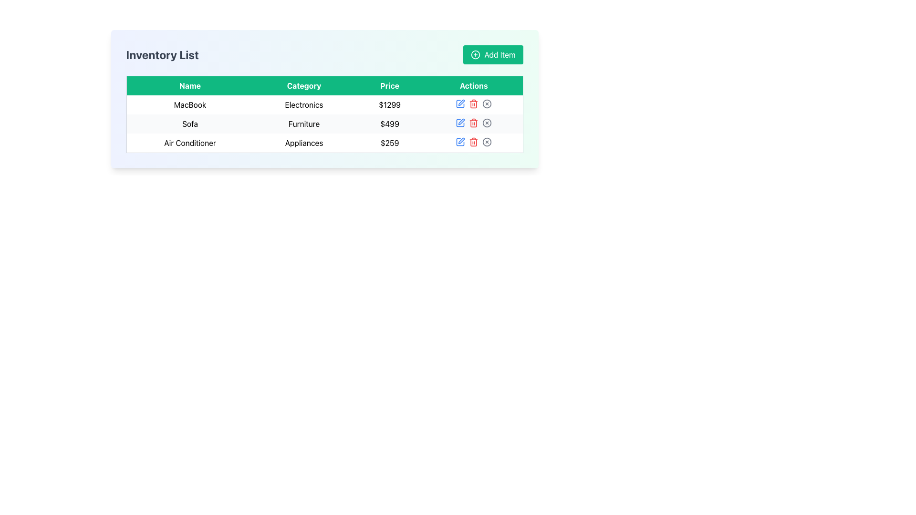  I want to click on the 'Add Item' text label, which is styled in white font on an emerald green background, located within a button at the top-right corner of the interface, so click(499, 55).